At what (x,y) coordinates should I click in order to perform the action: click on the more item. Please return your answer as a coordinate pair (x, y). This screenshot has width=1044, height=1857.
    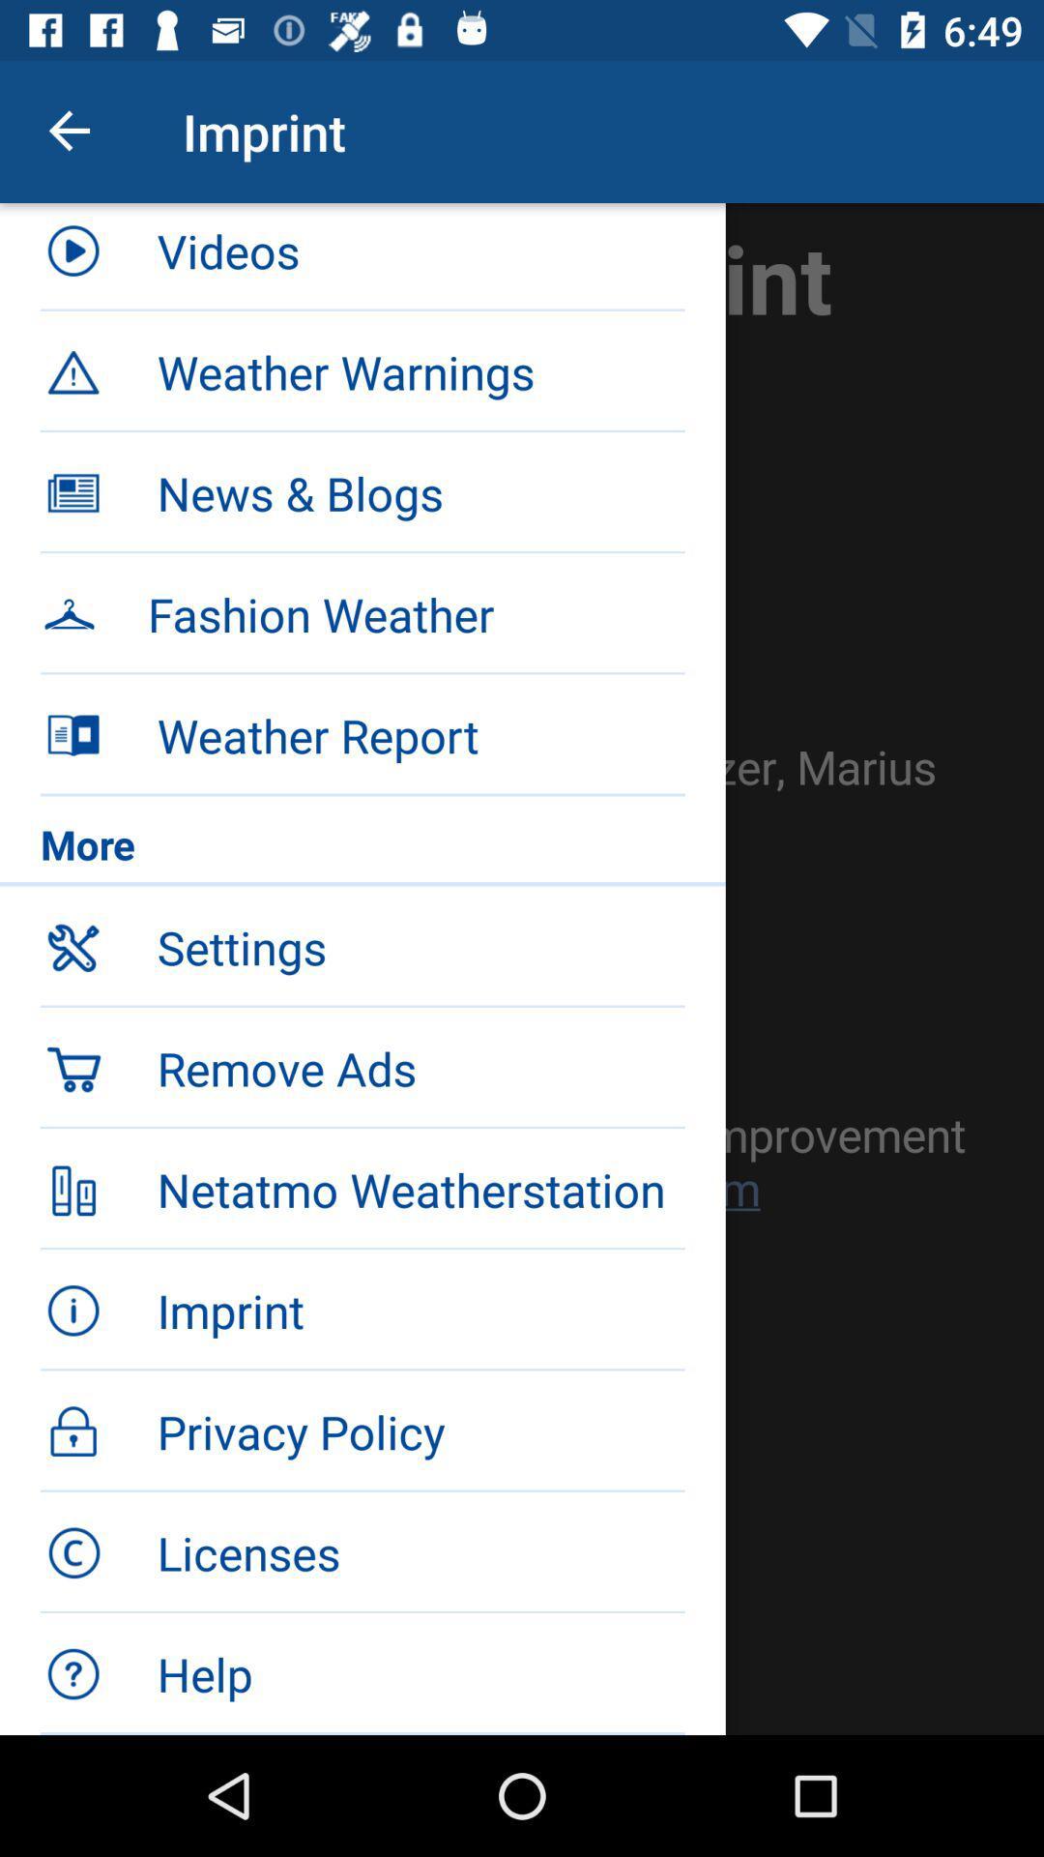
    Looking at the image, I should click on (362, 849).